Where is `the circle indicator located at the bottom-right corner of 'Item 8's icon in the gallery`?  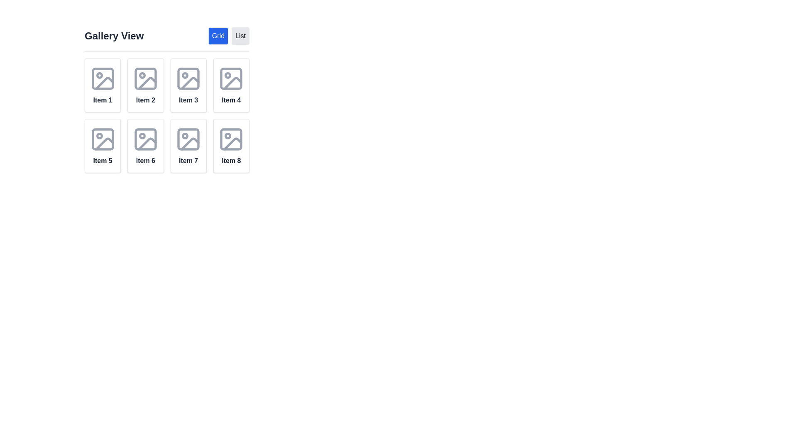 the circle indicator located at the bottom-right corner of 'Item 8's icon in the gallery is located at coordinates (228, 135).